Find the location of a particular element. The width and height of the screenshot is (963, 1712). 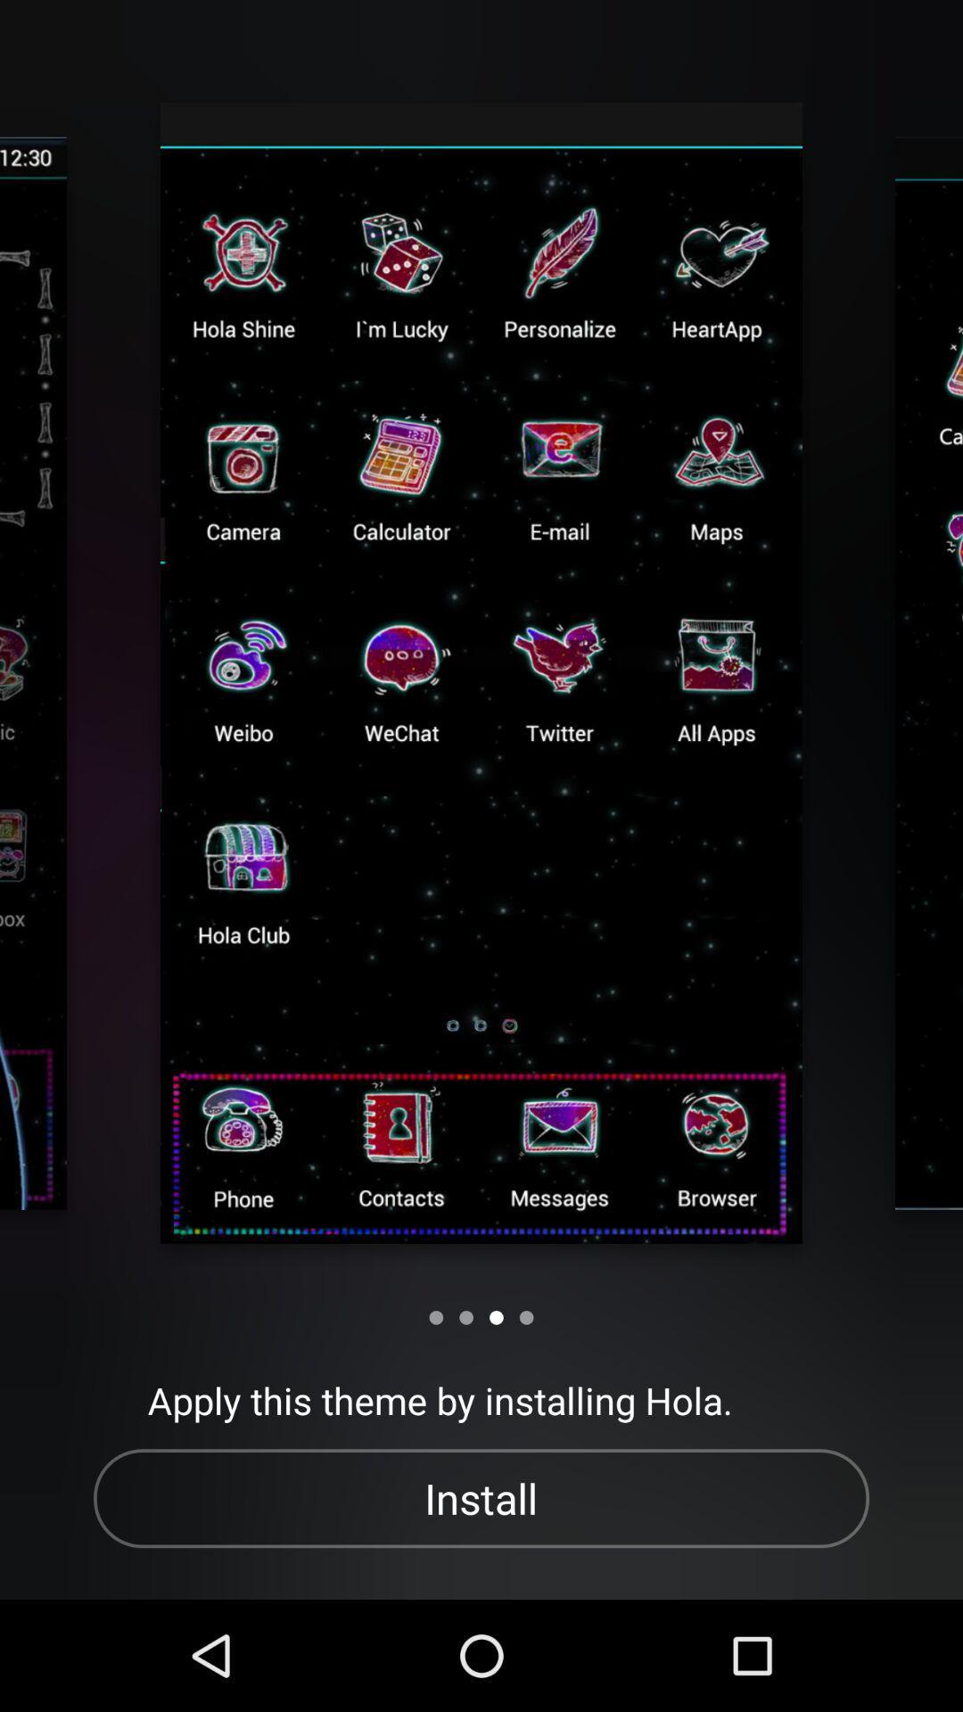

app above the apply this theme is located at coordinates (525, 1317).